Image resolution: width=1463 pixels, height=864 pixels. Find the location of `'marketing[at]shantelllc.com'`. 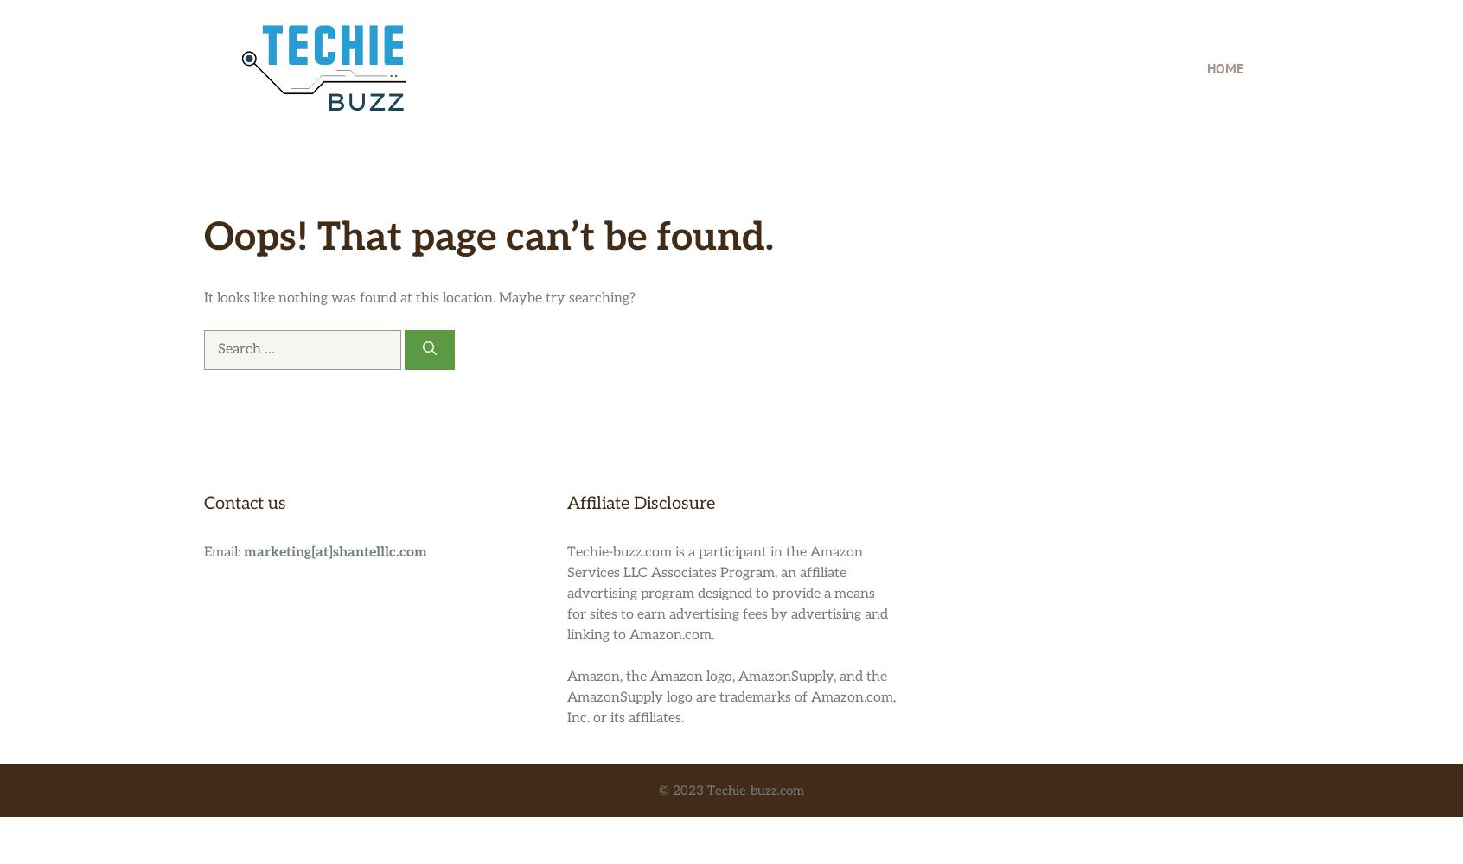

'marketing[at]shantelllc.com' is located at coordinates (335, 551).